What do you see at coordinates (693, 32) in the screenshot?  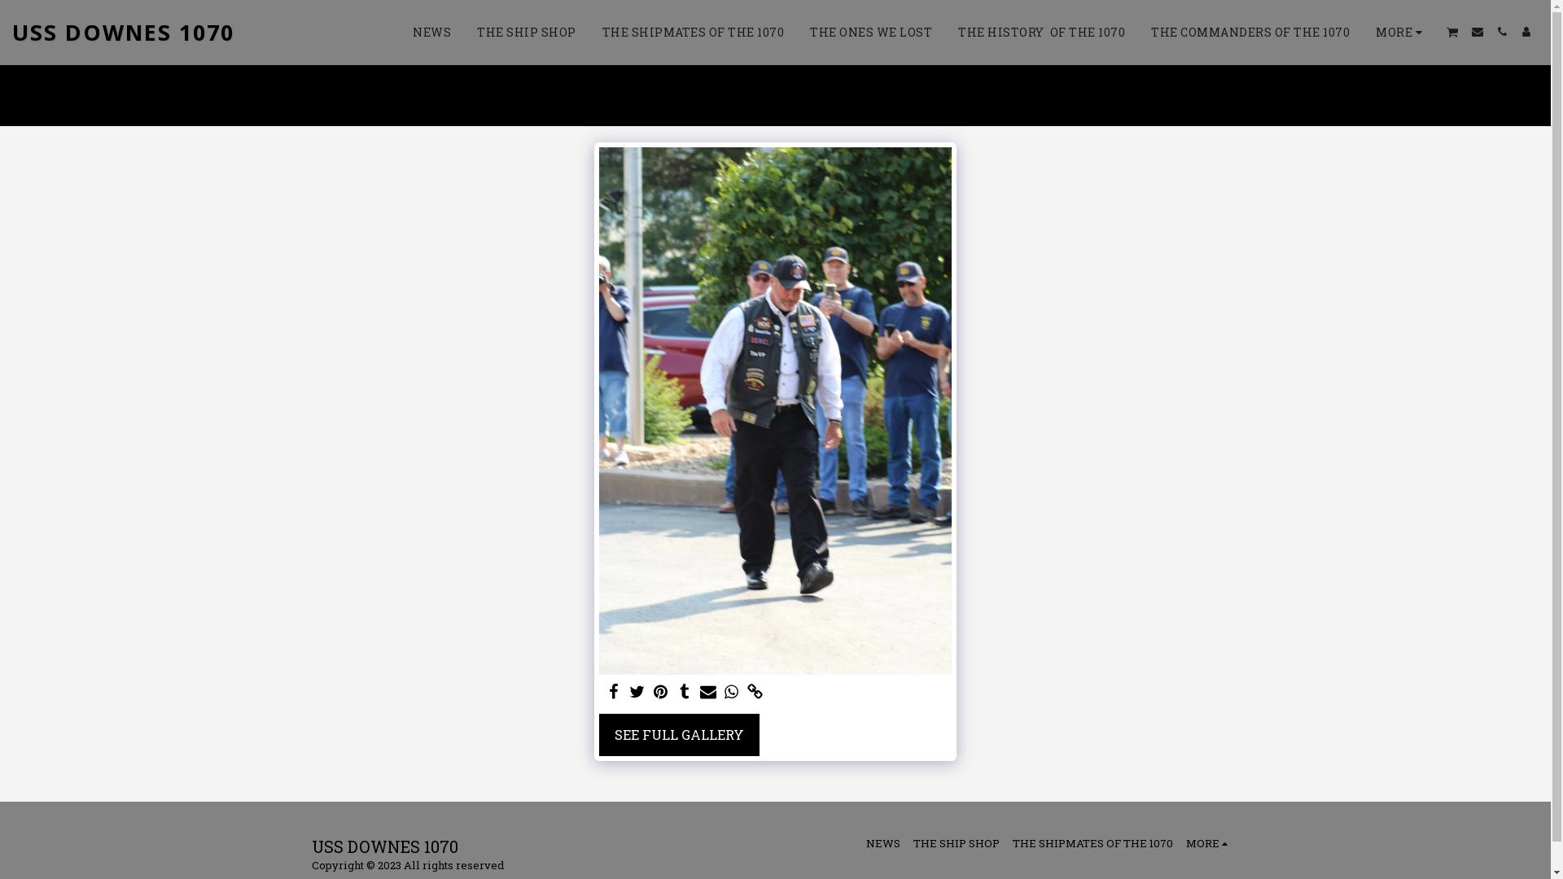 I see `'THE SHIPMATES OF THE 1070'` at bounding box center [693, 32].